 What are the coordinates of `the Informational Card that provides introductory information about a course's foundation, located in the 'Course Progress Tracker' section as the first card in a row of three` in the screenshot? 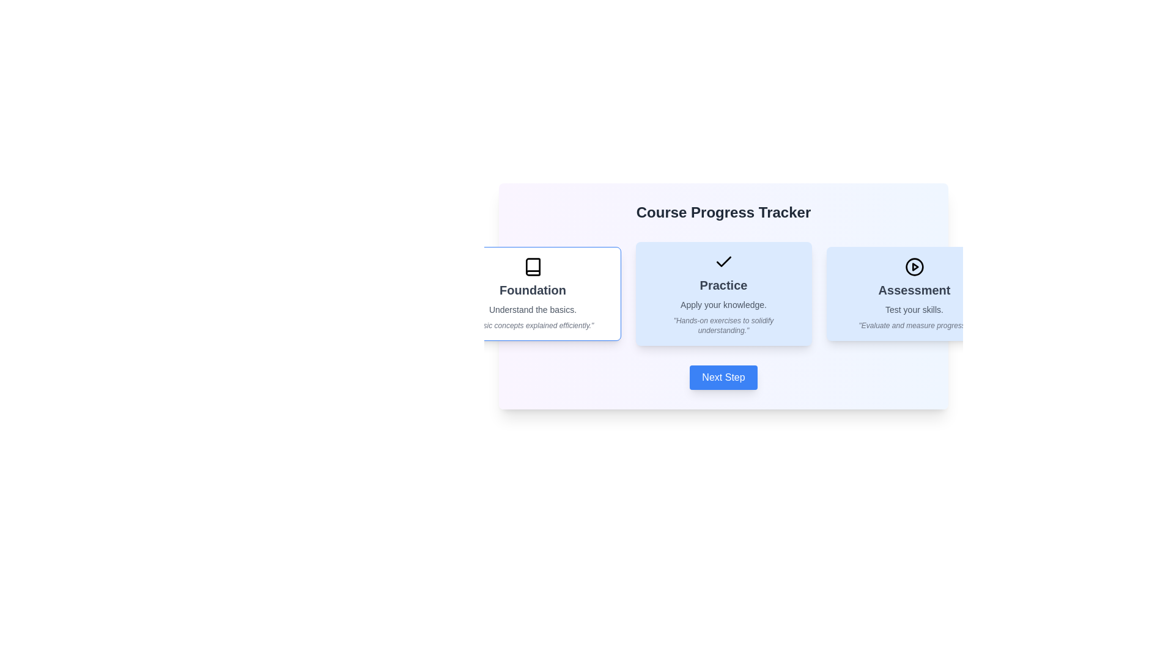 It's located at (533, 294).